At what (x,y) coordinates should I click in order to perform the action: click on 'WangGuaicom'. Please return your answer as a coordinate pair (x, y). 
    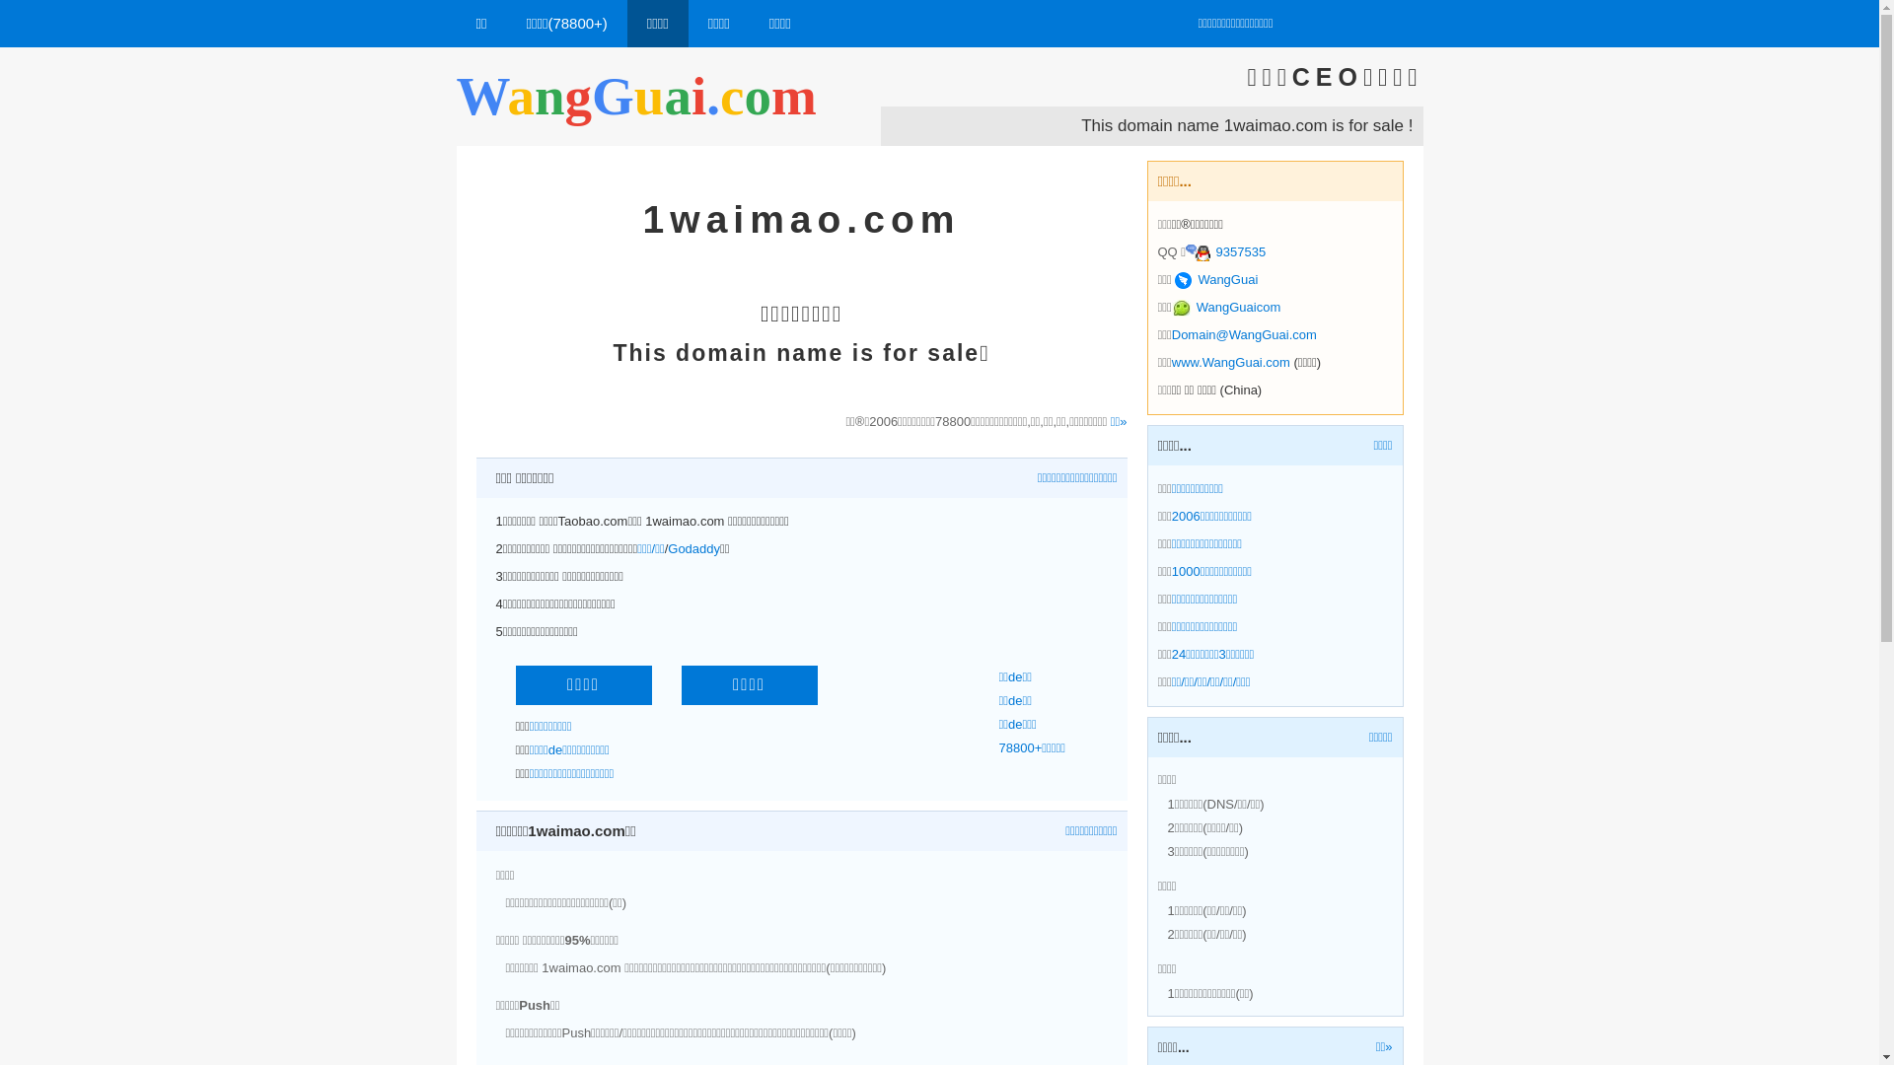
    Looking at the image, I should click on (1172, 307).